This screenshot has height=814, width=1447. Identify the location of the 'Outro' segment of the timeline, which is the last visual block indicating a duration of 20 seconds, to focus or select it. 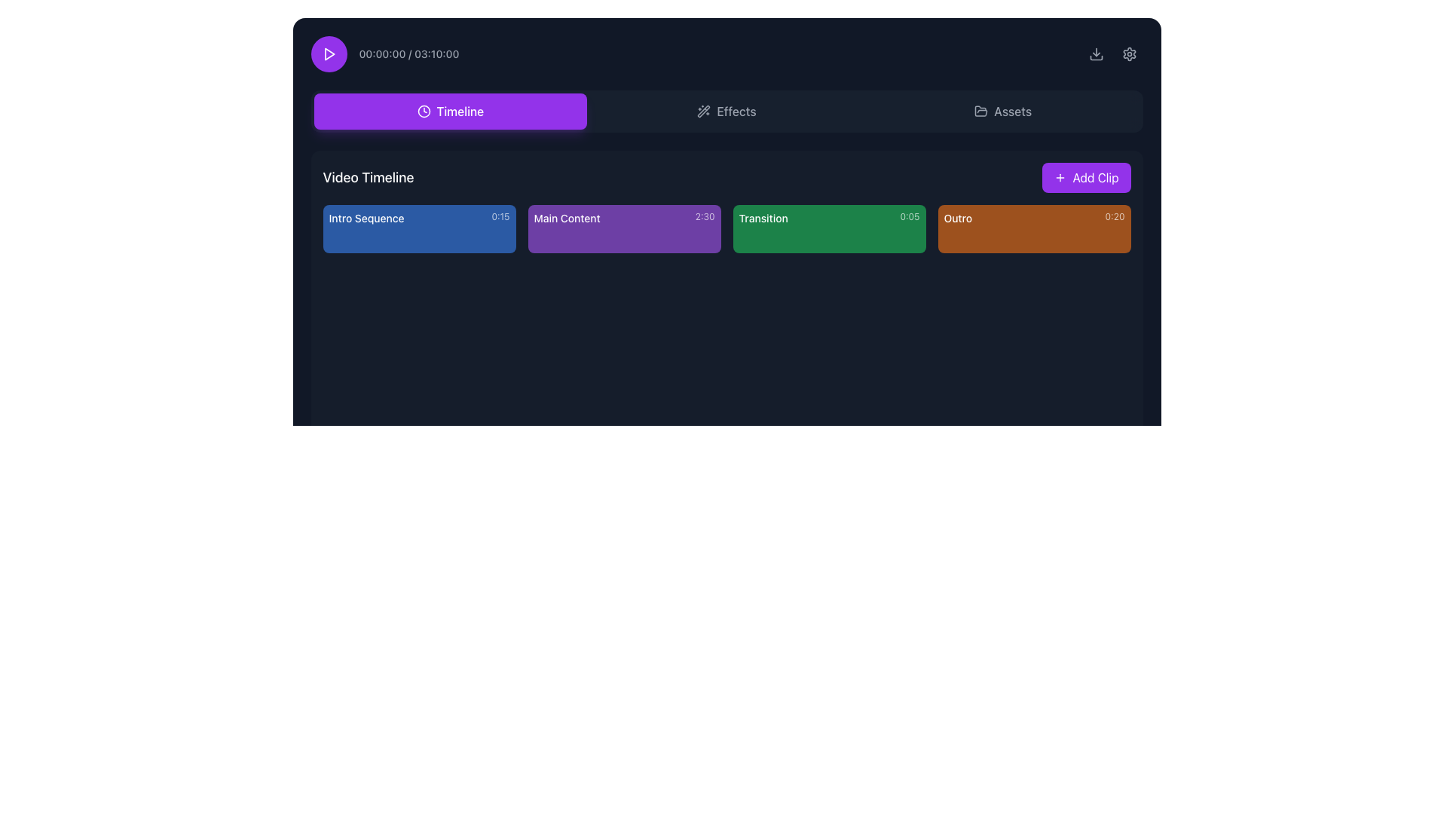
(1033, 218).